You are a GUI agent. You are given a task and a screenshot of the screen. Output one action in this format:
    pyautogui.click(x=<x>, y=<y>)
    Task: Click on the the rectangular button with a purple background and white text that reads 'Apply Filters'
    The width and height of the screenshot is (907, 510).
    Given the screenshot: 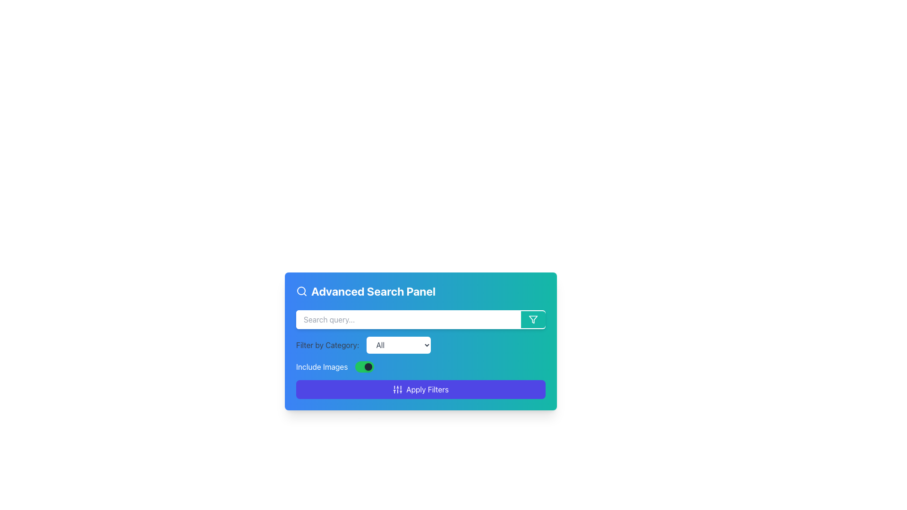 What is the action you would take?
    pyautogui.click(x=420, y=390)
    